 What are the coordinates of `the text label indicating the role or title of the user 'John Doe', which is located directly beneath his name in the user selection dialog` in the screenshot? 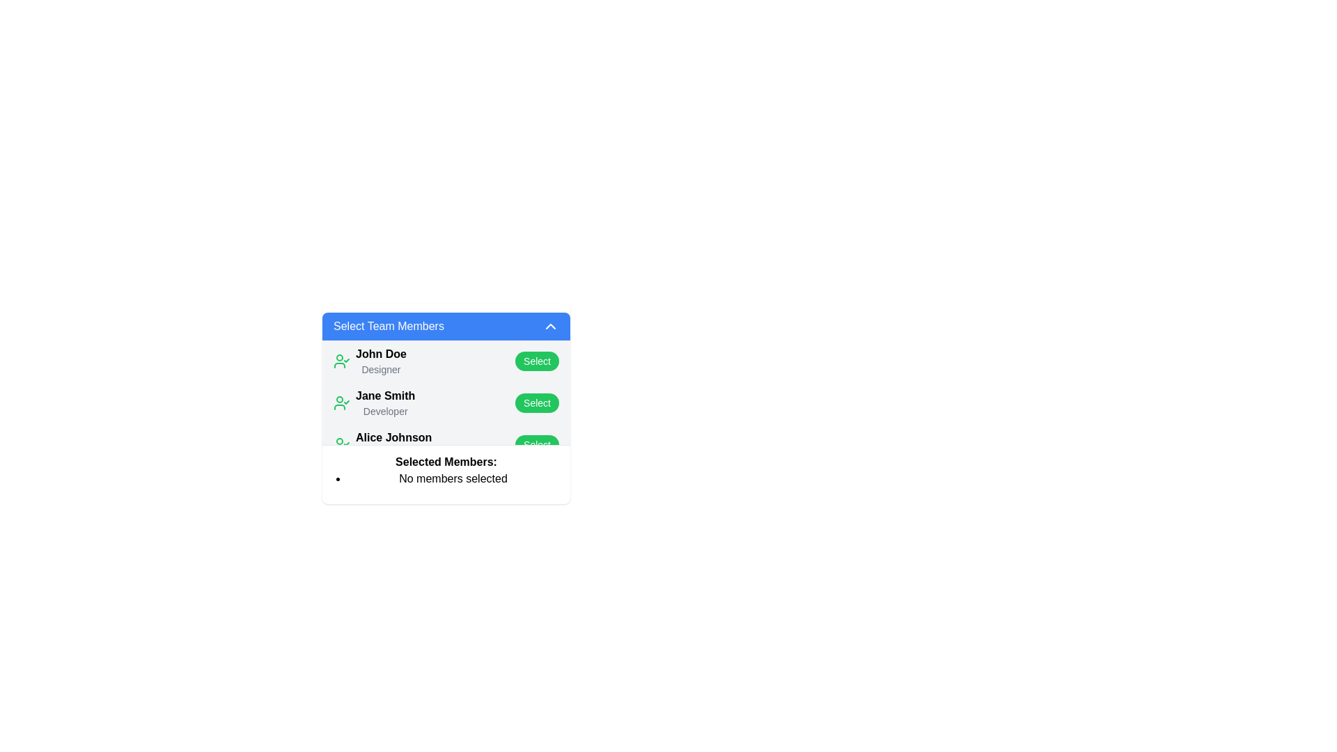 It's located at (381, 369).